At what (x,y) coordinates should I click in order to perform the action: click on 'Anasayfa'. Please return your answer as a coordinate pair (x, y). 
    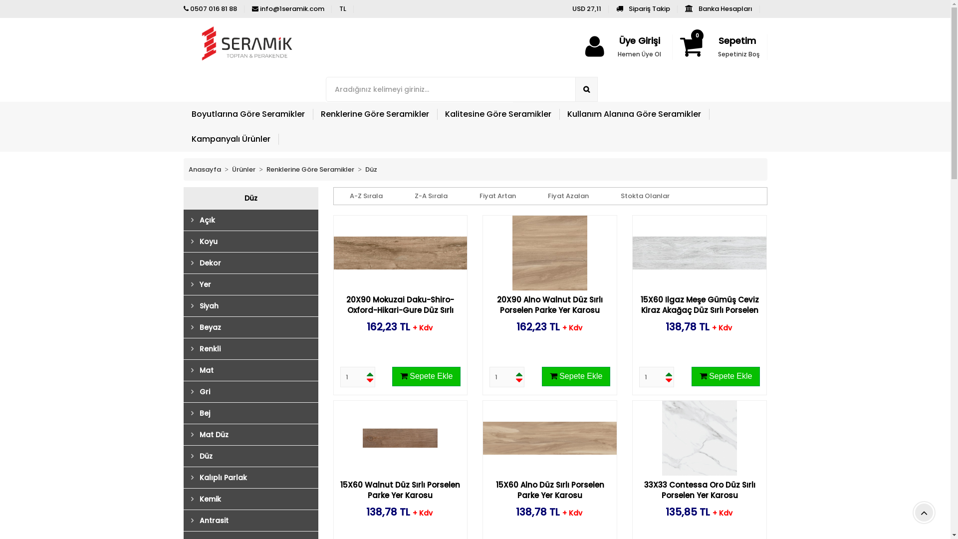
    Looking at the image, I should click on (204, 169).